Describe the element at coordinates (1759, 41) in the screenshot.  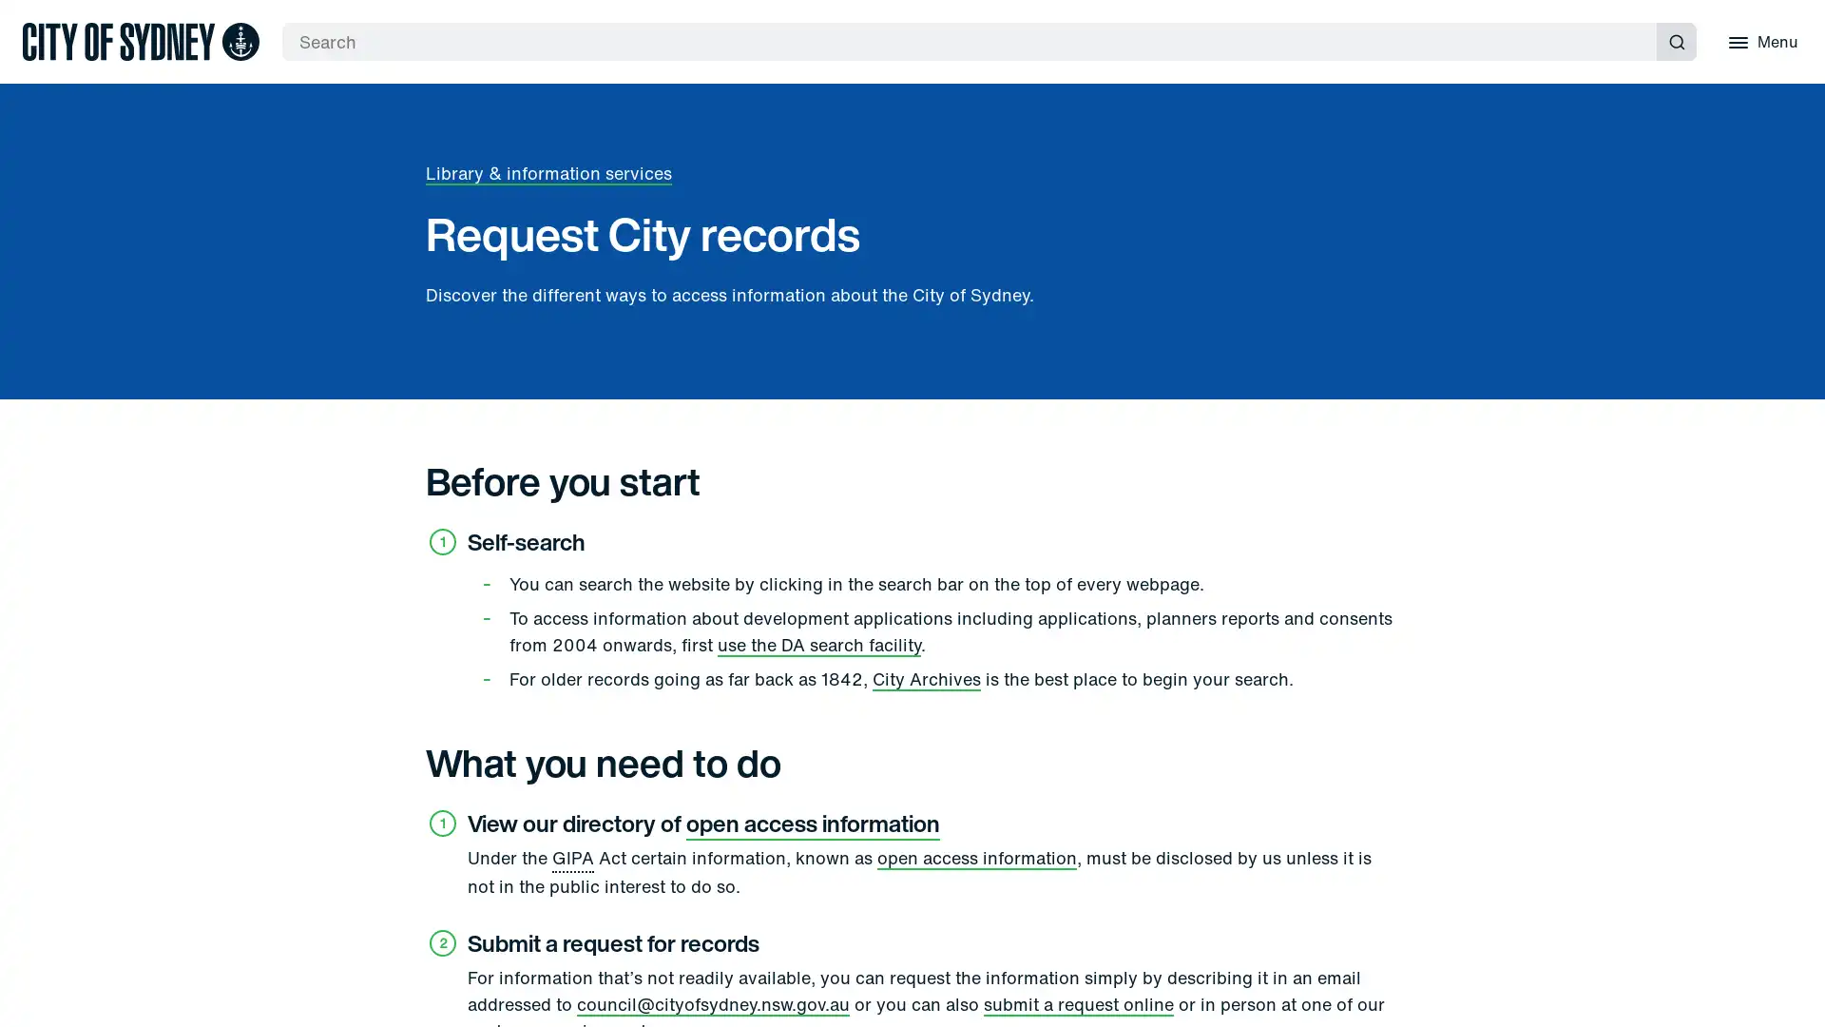
I see `Menu` at that location.